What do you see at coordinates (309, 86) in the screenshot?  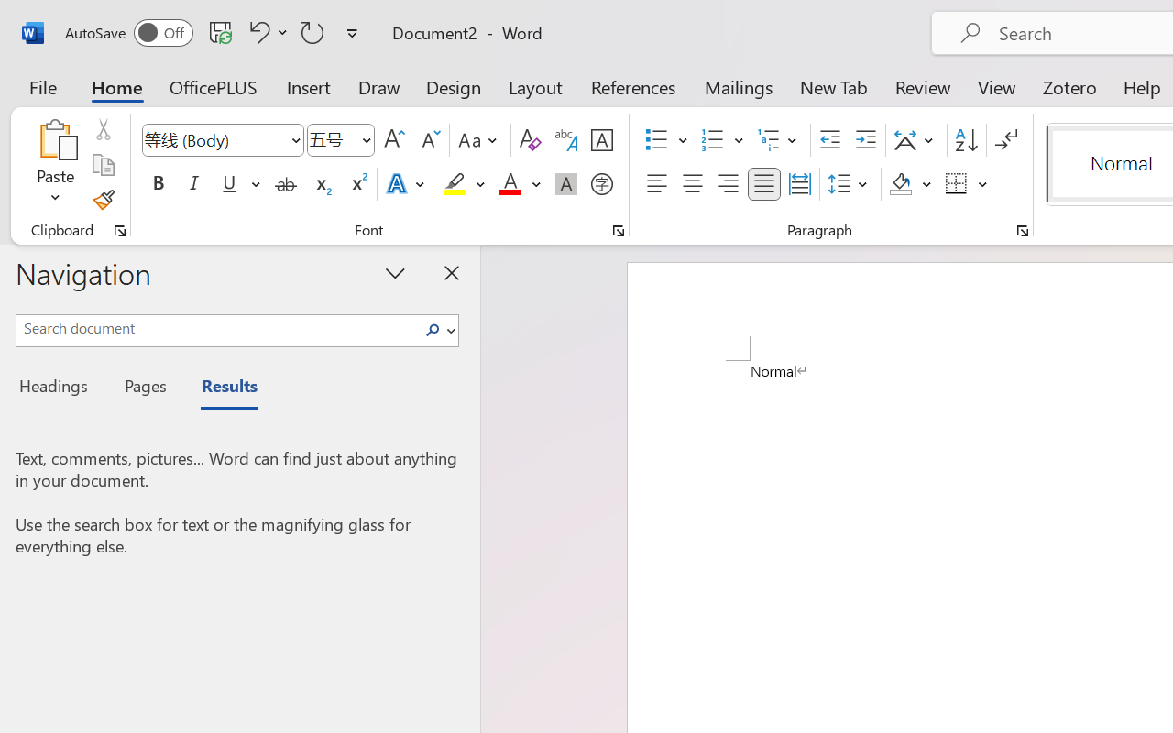 I see `'Insert'` at bounding box center [309, 86].